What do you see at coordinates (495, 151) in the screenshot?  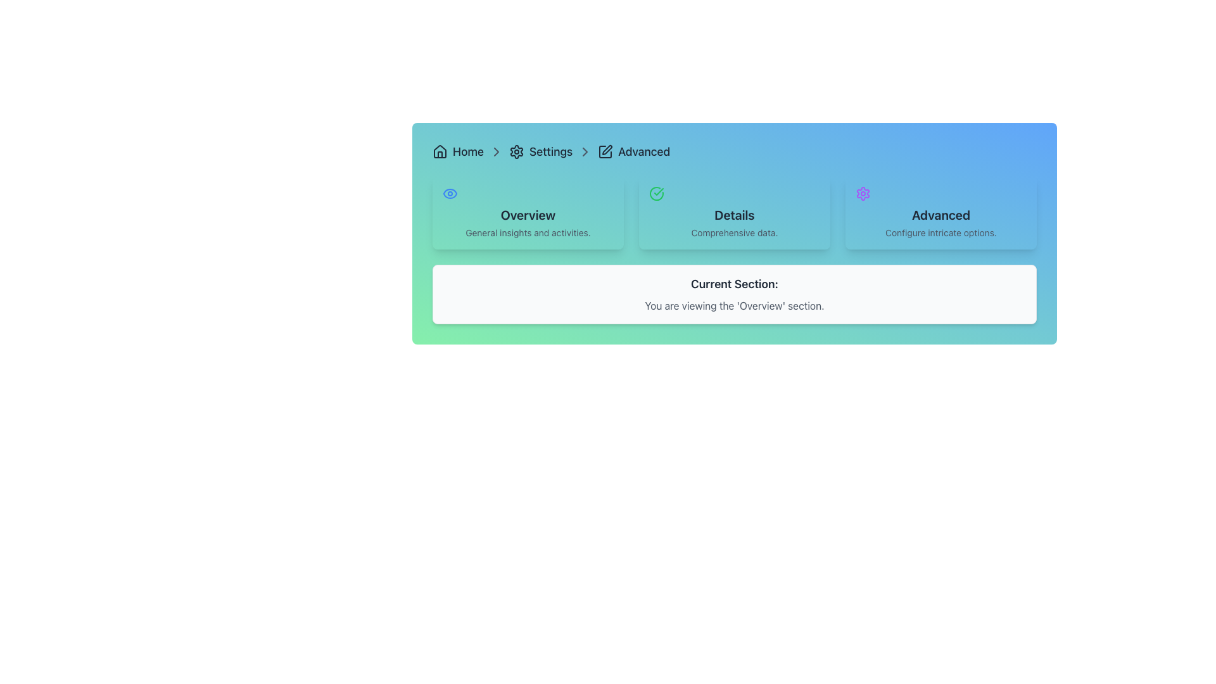 I see `the right-pointing chevron icon in the horizontal breadcrumb navigation bar` at bounding box center [495, 151].